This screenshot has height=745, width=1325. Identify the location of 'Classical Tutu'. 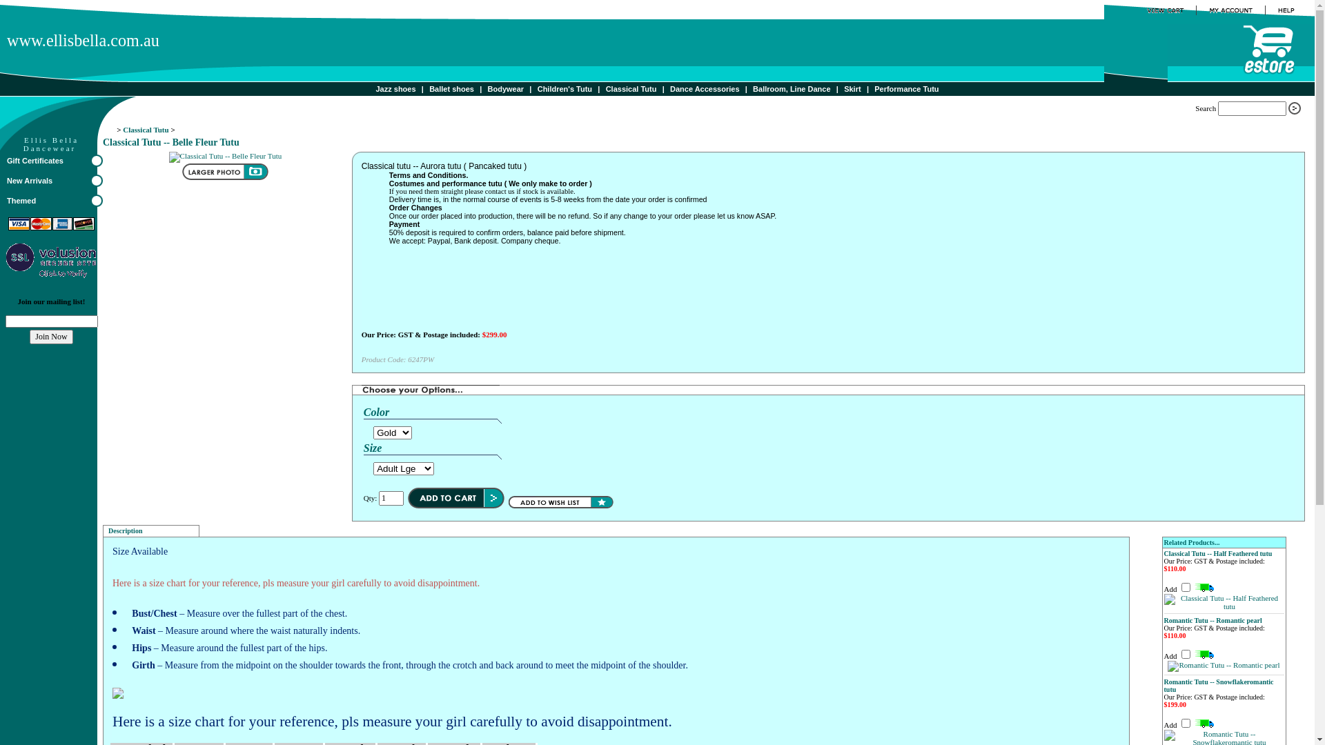
(146, 130).